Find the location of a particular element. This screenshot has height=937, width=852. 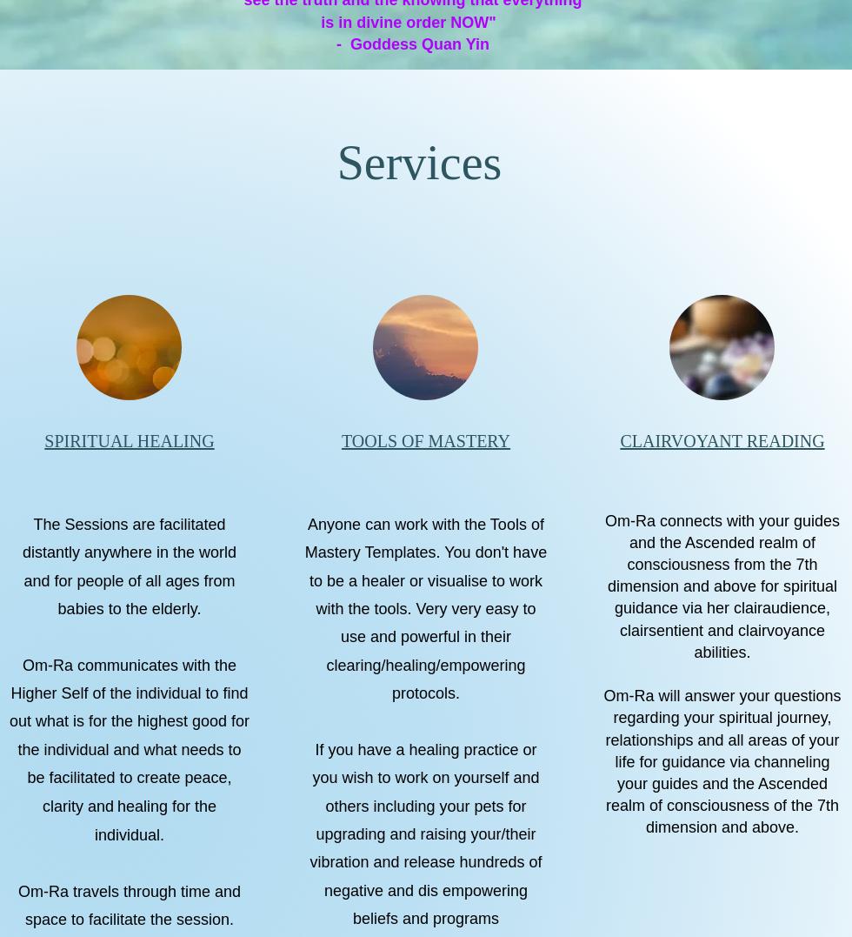

'healing for the individual.' is located at coordinates (155, 820).